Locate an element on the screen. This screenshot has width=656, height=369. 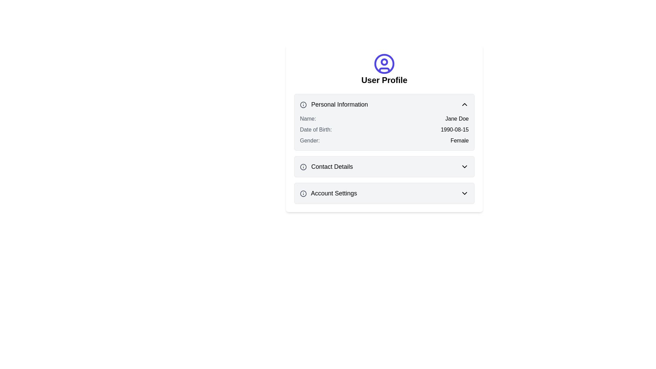
the Text display that shows the user's date of birth information, located in the 'Personal Information' section, aligned with the label 'Date of Birth:' on the right side is located at coordinates (455, 130).